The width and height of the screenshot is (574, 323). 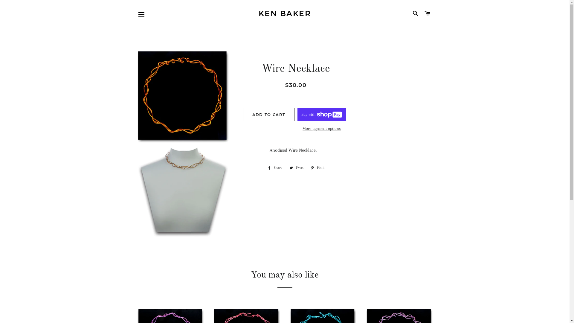 I want to click on 'CART', so click(x=427, y=13).